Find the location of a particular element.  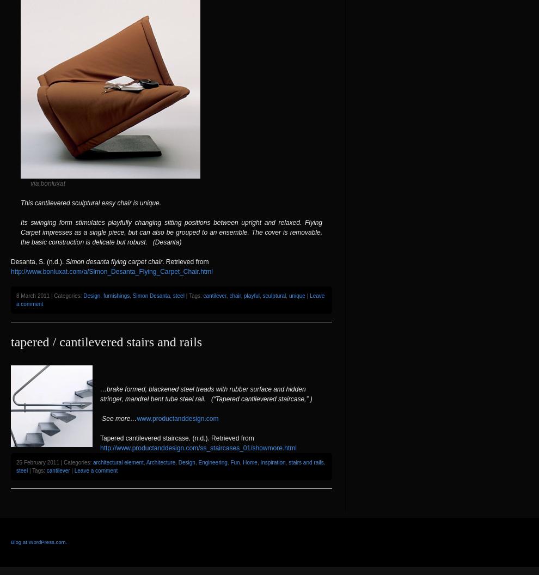

'via bonluxat' is located at coordinates (48, 182).